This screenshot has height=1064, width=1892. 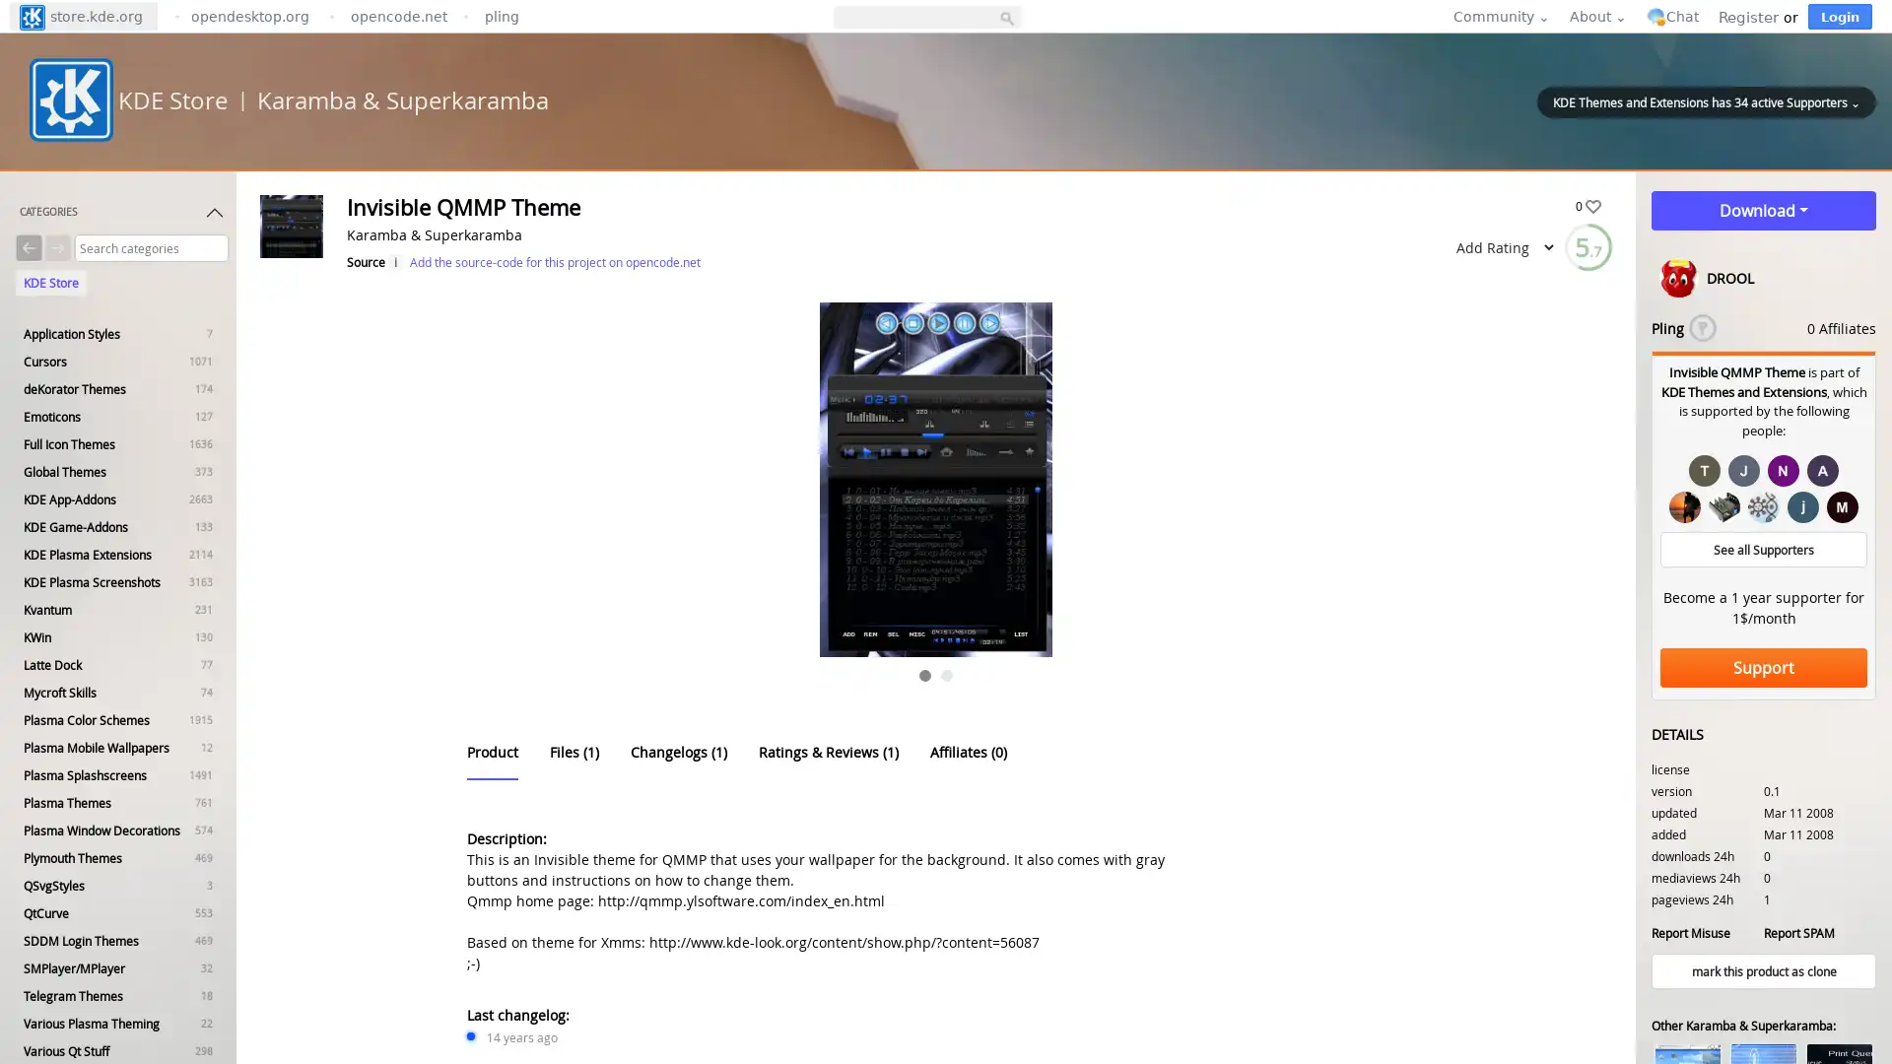 I want to click on CATEGORIES, so click(x=121, y=216).